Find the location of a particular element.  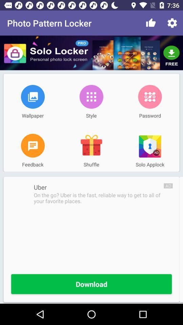

the icon below wallpaper item is located at coordinates (32, 146).